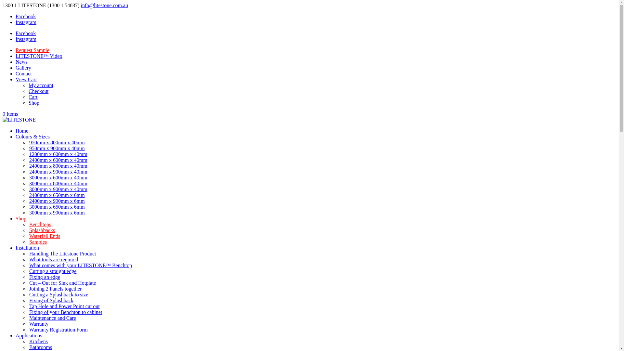 The image size is (624, 351). Describe the element at coordinates (44, 236) in the screenshot. I see `'Waterfall Ends'` at that location.